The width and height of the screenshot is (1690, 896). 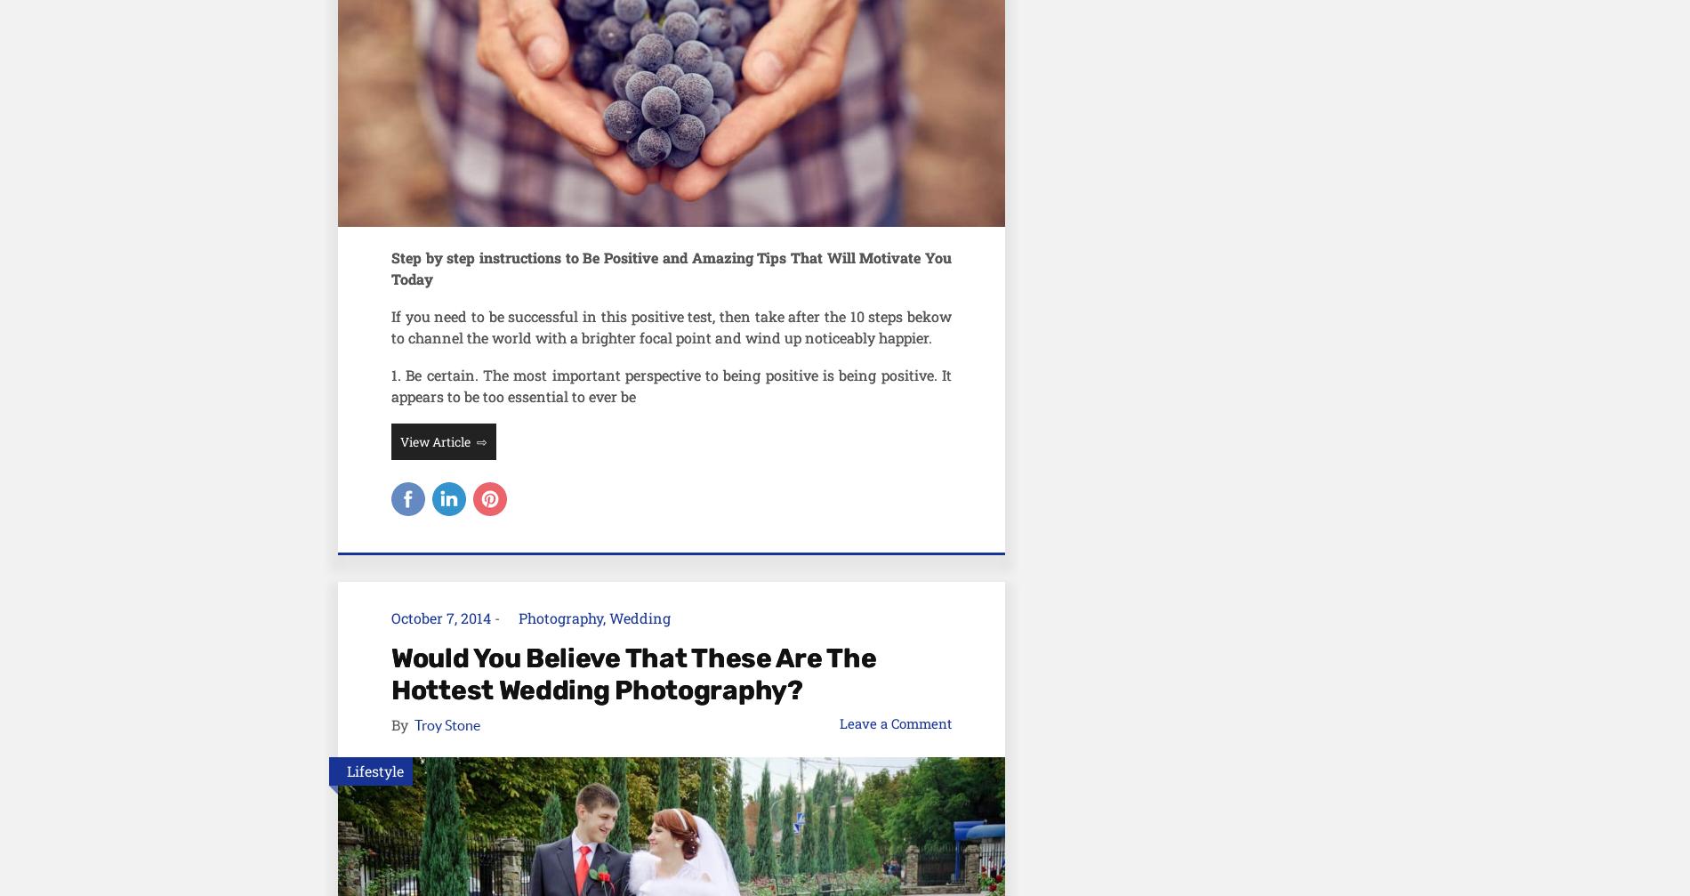 I want to click on 'If you need to be successful in this positive test, then take after the 10 steps bekow to channel the world with a brighter focal point and wind up noticeably happier.', so click(x=671, y=326).